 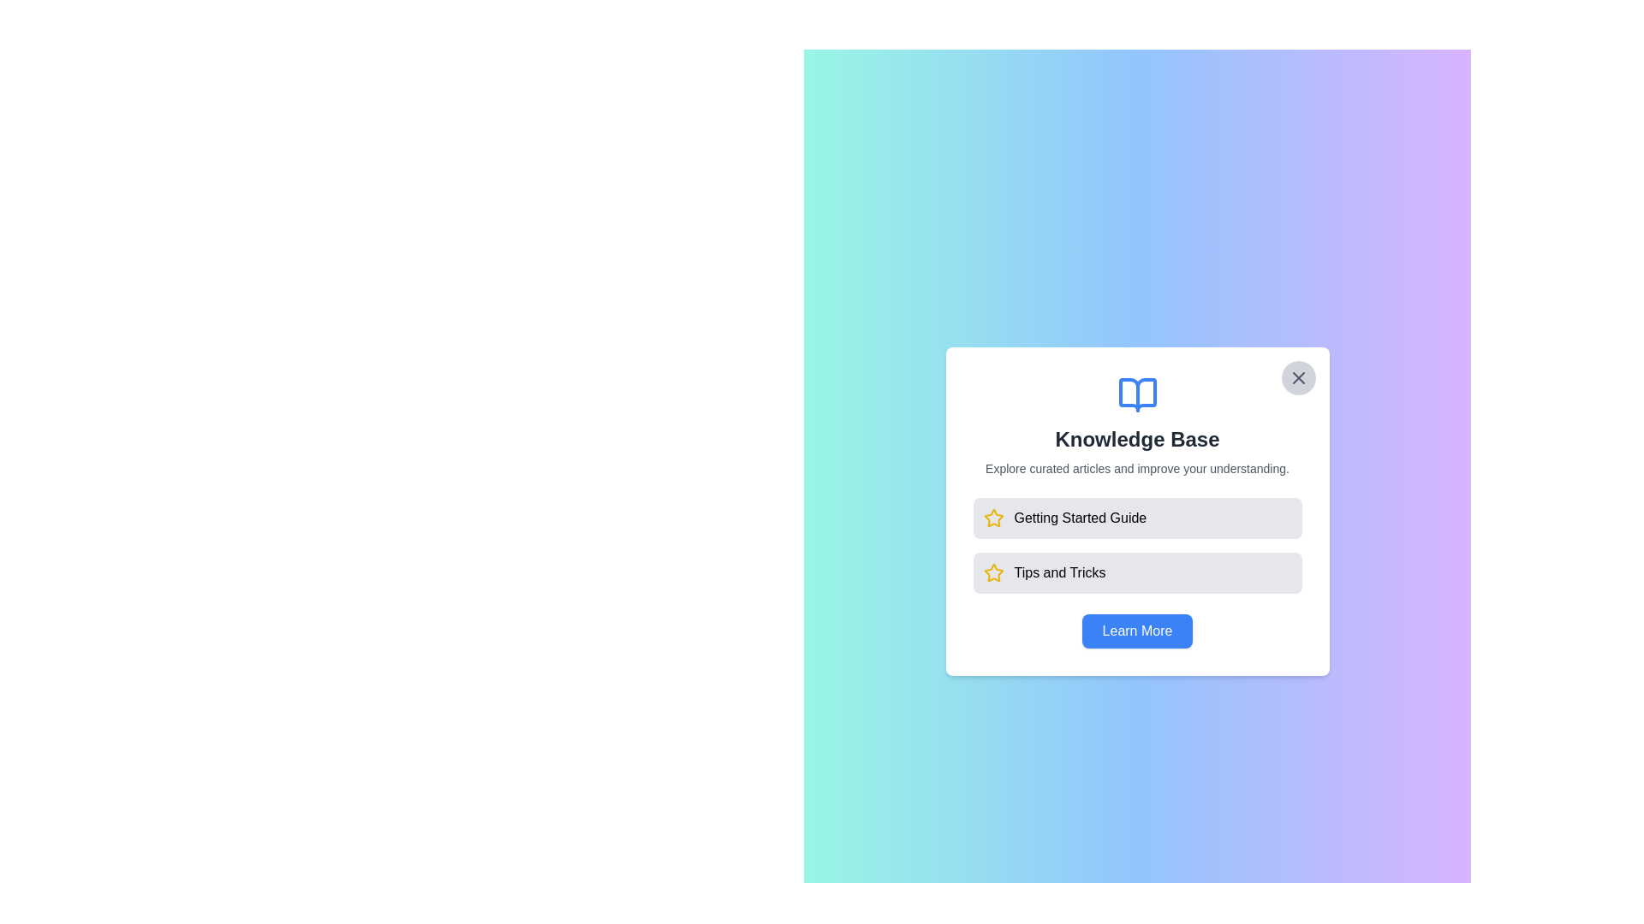 I want to click on the blue rectangular button labeled 'Learn More', so click(x=1137, y=631).